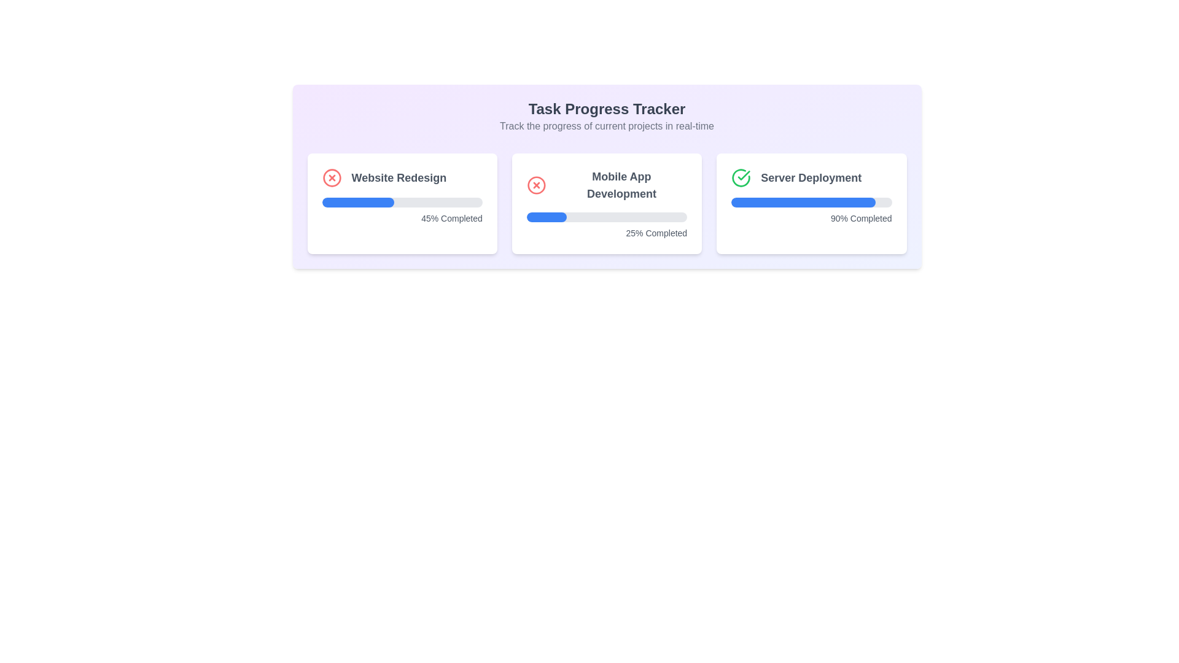 The width and height of the screenshot is (1179, 663). Describe the element at coordinates (402, 177) in the screenshot. I see `the label displaying 'Website Redesign' with a red 'X' icon, located at the top left of the first task card in the project progress row` at that location.